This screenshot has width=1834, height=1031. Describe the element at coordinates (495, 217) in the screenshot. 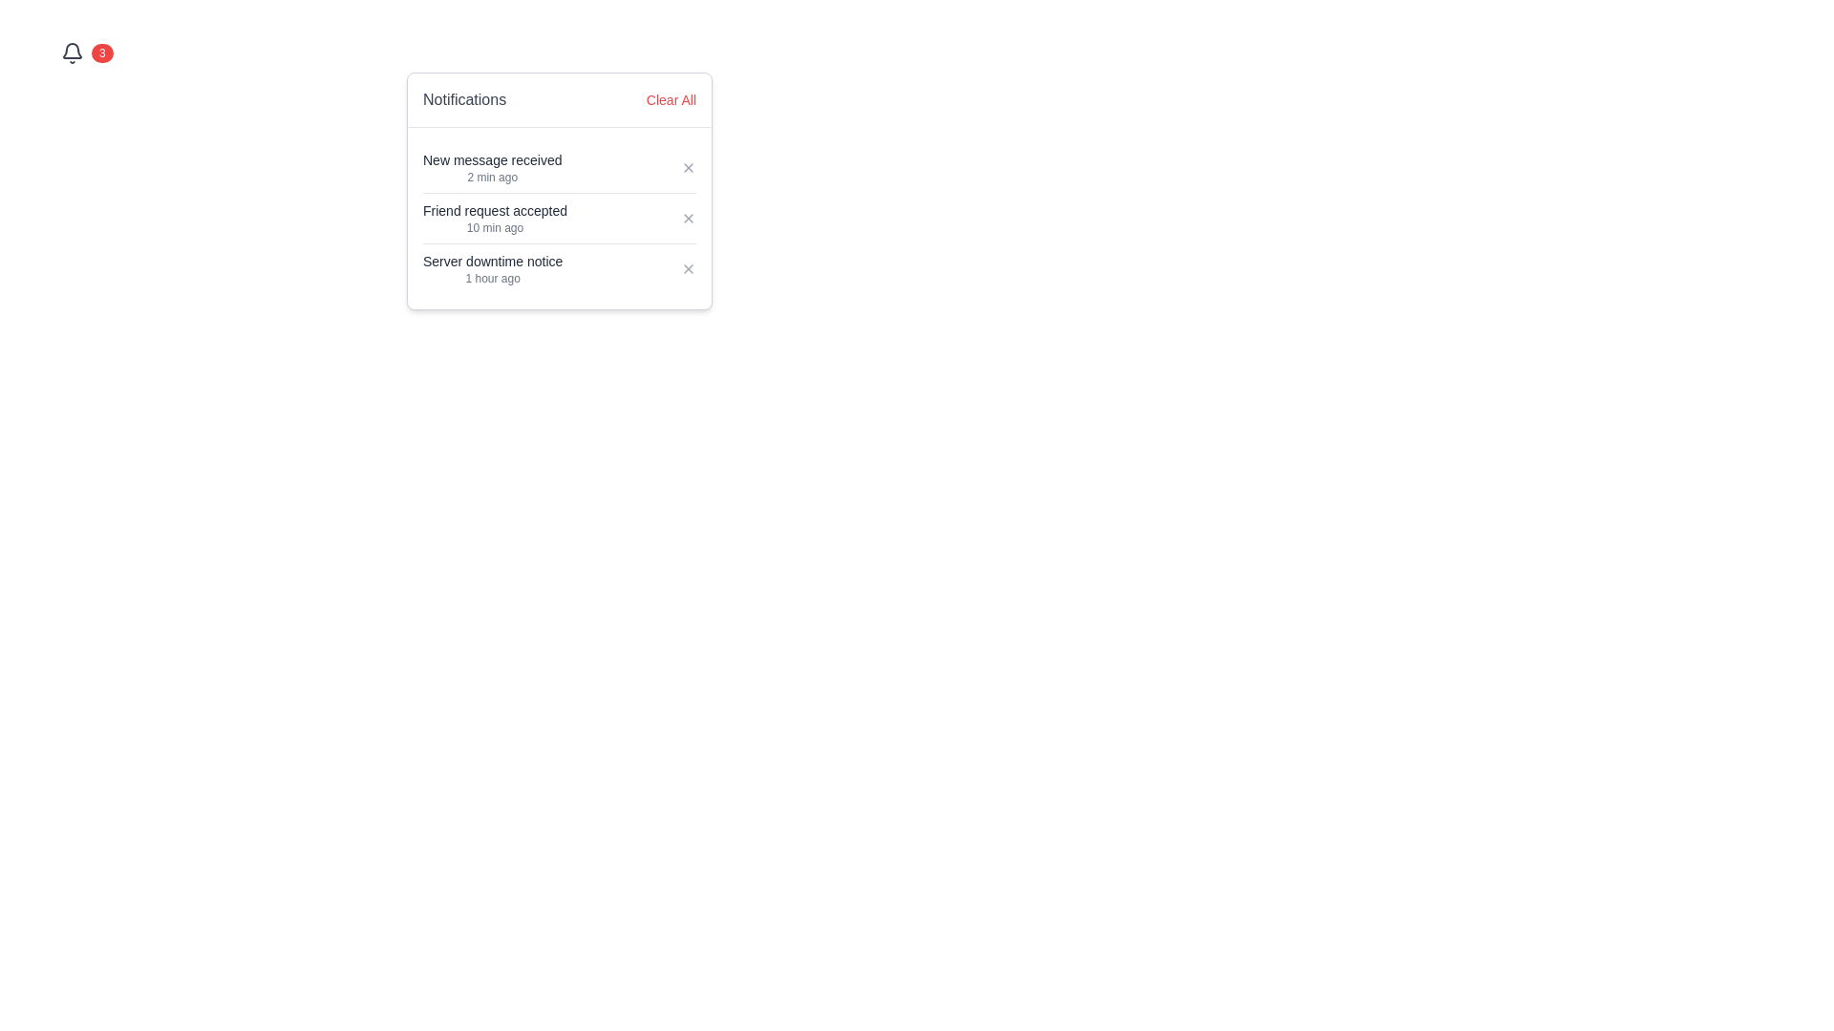

I see `the notification item displaying 'Friend request accepted' in bold, dark gray text, located in the notification panel` at that location.